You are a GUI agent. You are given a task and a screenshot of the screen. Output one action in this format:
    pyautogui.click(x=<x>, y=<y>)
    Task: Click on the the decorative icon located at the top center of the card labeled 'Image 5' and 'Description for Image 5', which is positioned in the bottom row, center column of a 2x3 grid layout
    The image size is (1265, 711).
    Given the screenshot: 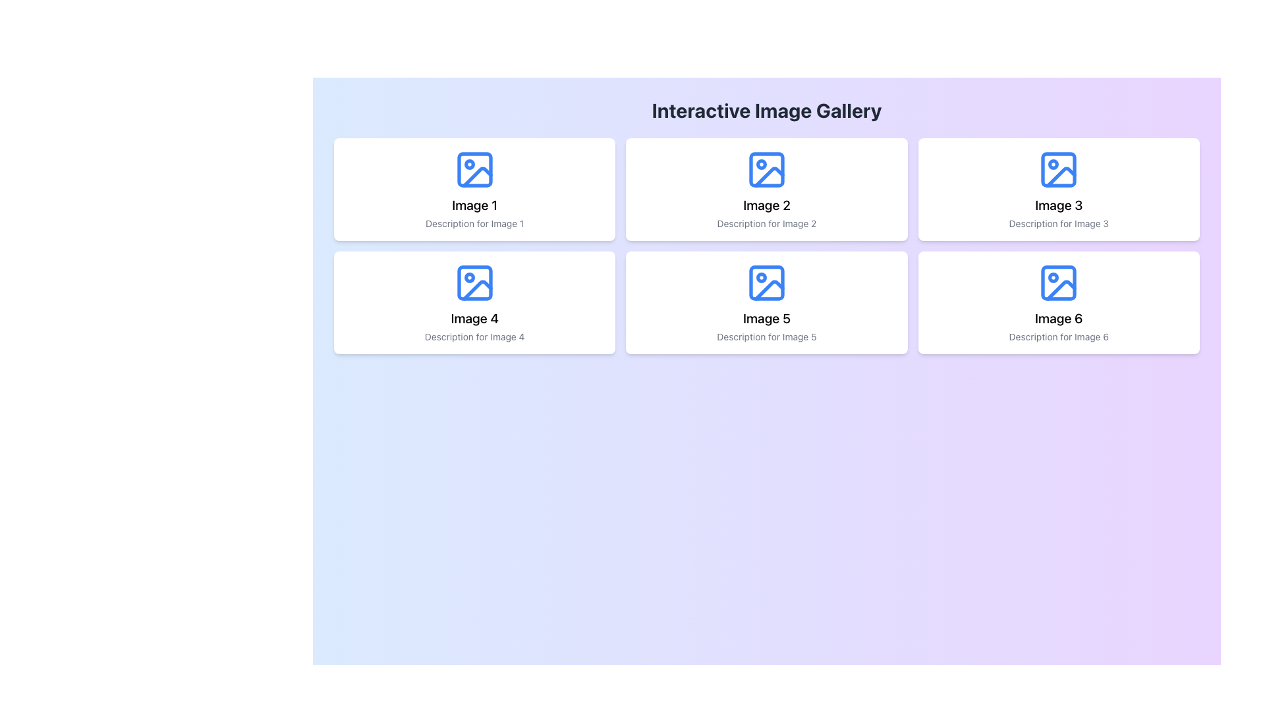 What is the action you would take?
    pyautogui.click(x=766, y=282)
    